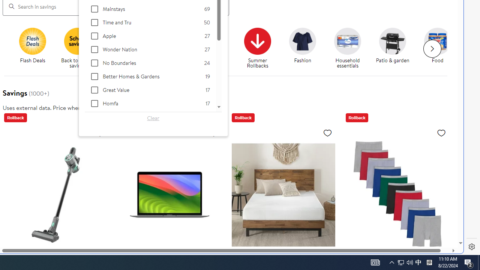 This screenshot has width=480, height=270. I want to click on 'Summer Rollbacks', so click(261, 48).